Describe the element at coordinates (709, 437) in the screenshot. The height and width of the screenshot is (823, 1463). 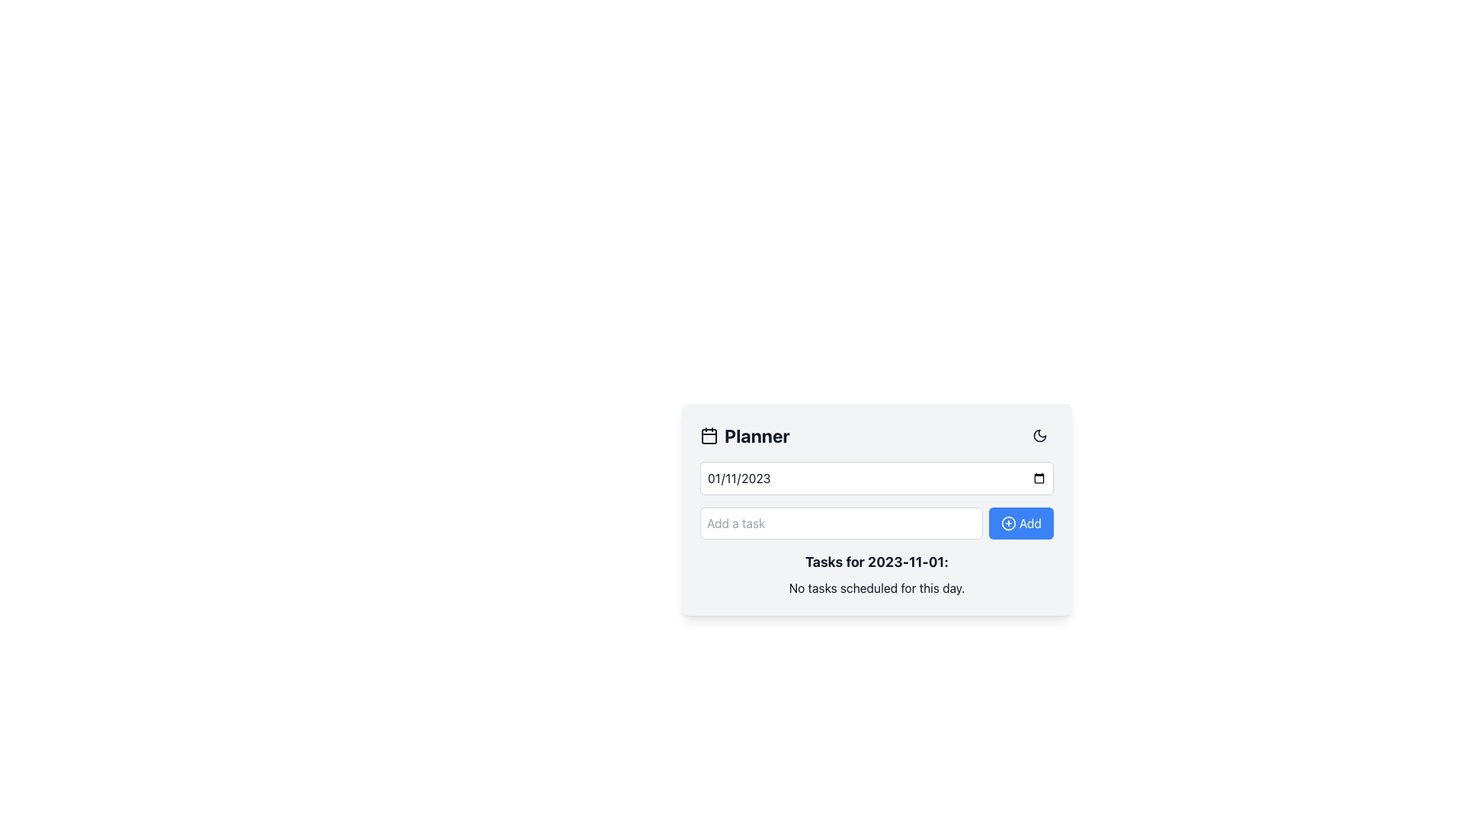
I see `the decorative rectangle inside the SVG calendar icon, which is located to the left of the title 'Planner' on the interface` at that location.